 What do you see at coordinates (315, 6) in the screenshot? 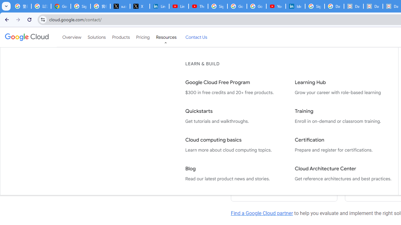
I see `'Sign in - Google Accounts'` at bounding box center [315, 6].